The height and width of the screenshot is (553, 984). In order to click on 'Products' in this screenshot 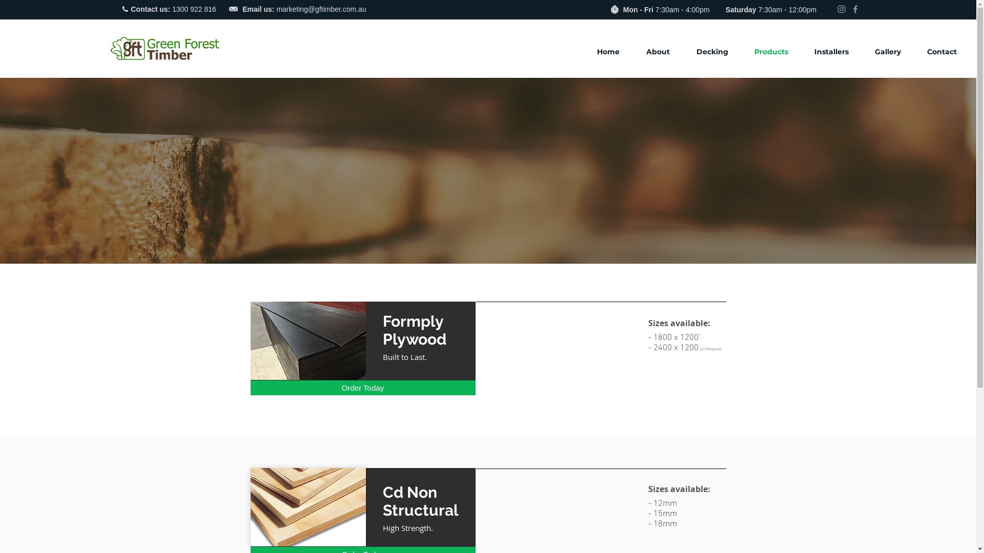, I will do `click(776, 51)`.